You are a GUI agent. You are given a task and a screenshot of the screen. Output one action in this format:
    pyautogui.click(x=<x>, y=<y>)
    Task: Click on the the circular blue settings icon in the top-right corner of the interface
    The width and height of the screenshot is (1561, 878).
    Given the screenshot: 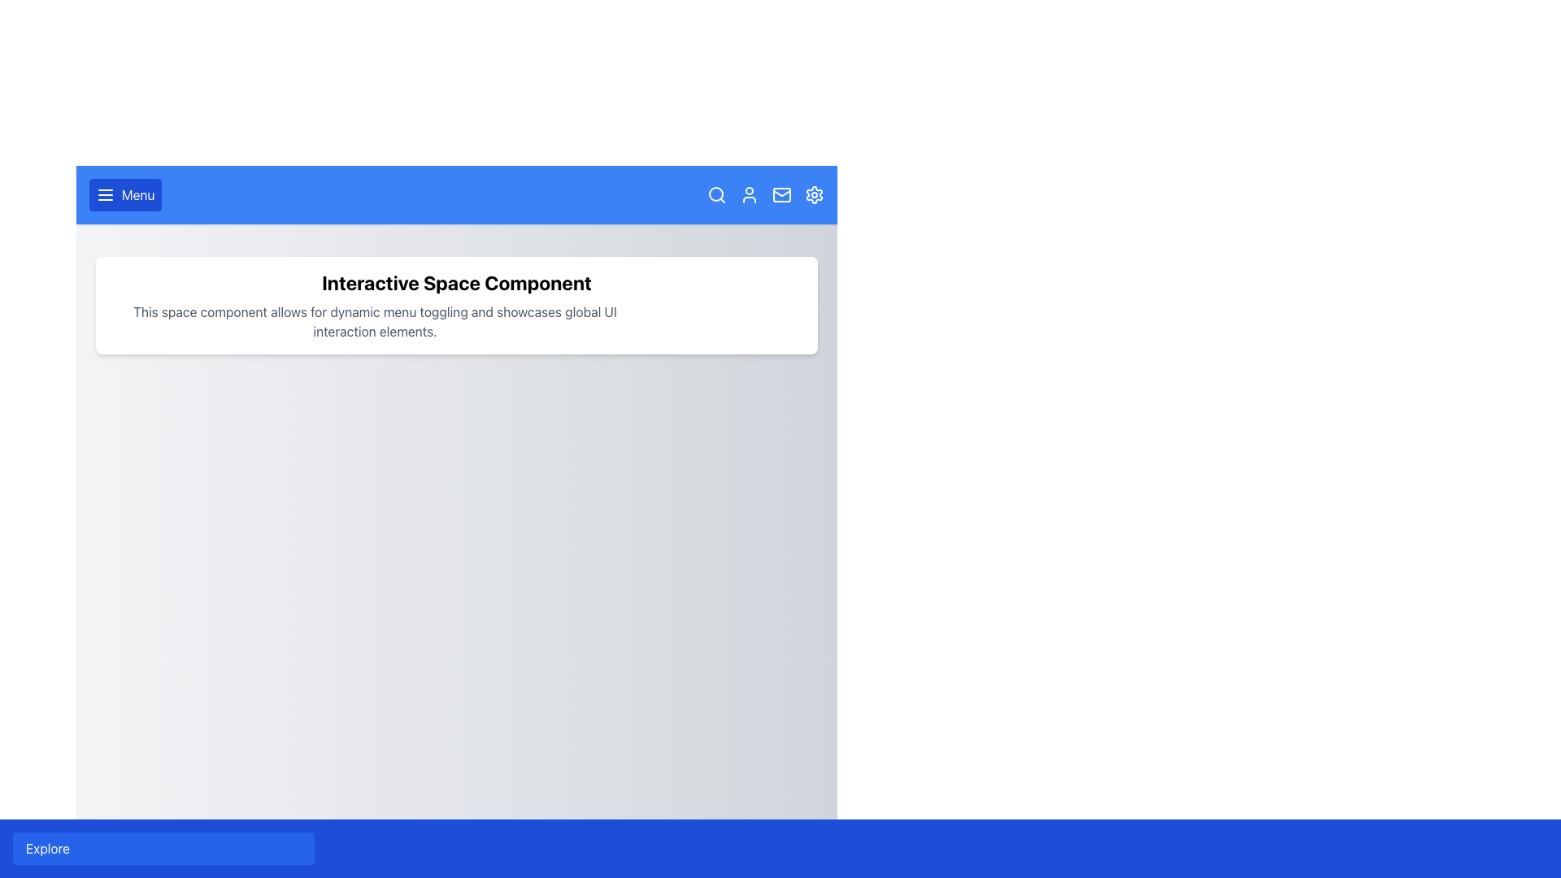 What is the action you would take?
    pyautogui.click(x=815, y=193)
    